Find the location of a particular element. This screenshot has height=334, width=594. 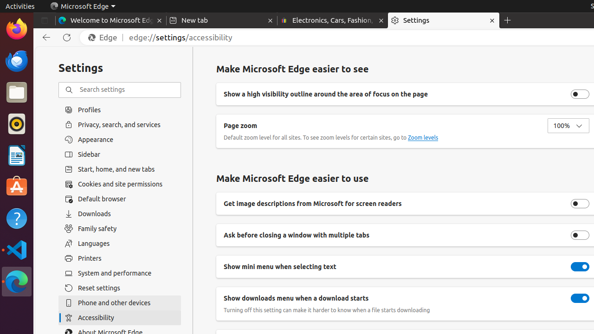

'Show a high visibility outline around the area of focus on the page' is located at coordinates (580, 94).